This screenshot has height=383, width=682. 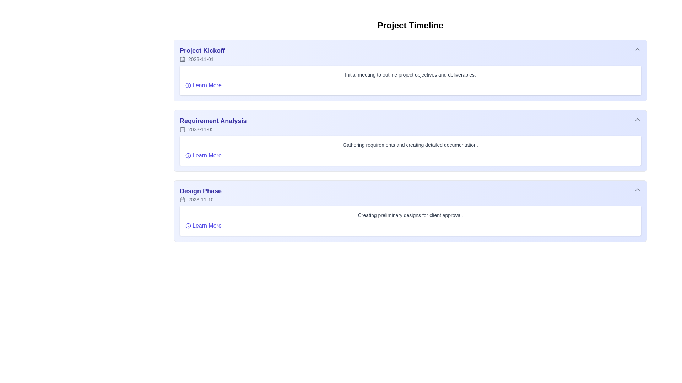 I want to click on text content of the title and date label element located in the third section under 'Design Phase', aligned with the calendar icon, so click(x=200, y=194).